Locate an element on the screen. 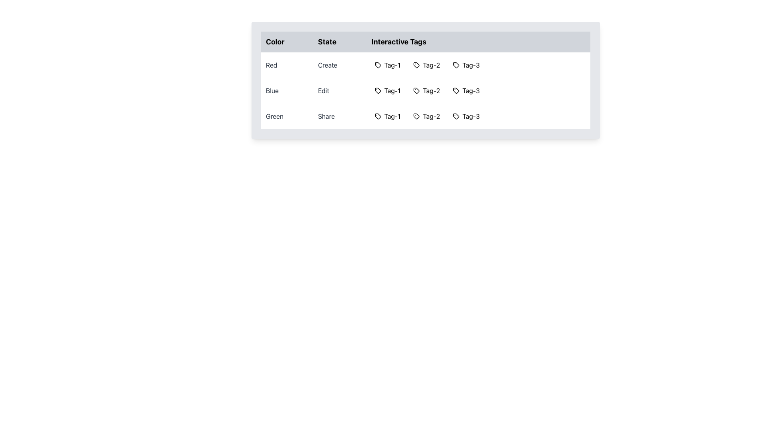  the Table Header Row, which contains the columns labeled 'Color,' 'State,' and 'Interactive Tags' in bold text on a light gray background at the top of the table is located at coordinates (425, 42).